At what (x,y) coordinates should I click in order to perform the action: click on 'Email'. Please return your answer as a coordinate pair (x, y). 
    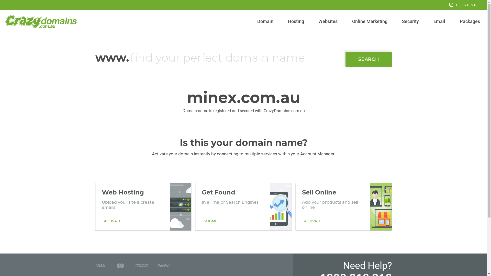
    Looking at the image, I should click on (431, 21).